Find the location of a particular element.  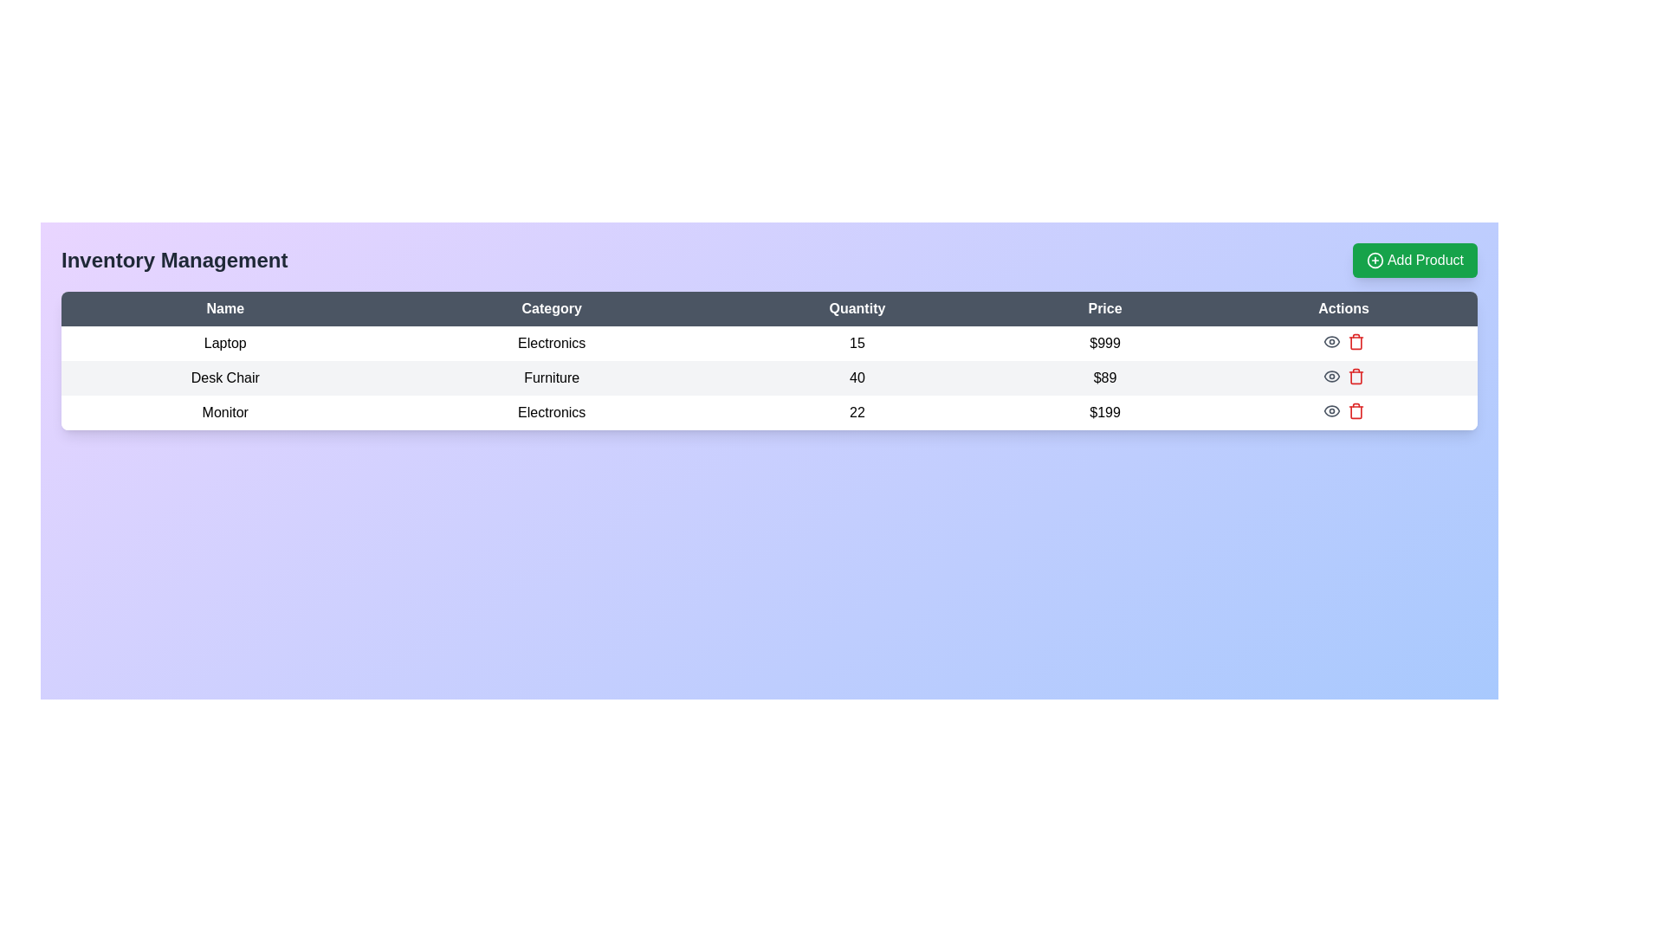

the eye-shaped icon in the 'Actions' column of the 'Desk Chair' row is located at coordinates (1330, 376).